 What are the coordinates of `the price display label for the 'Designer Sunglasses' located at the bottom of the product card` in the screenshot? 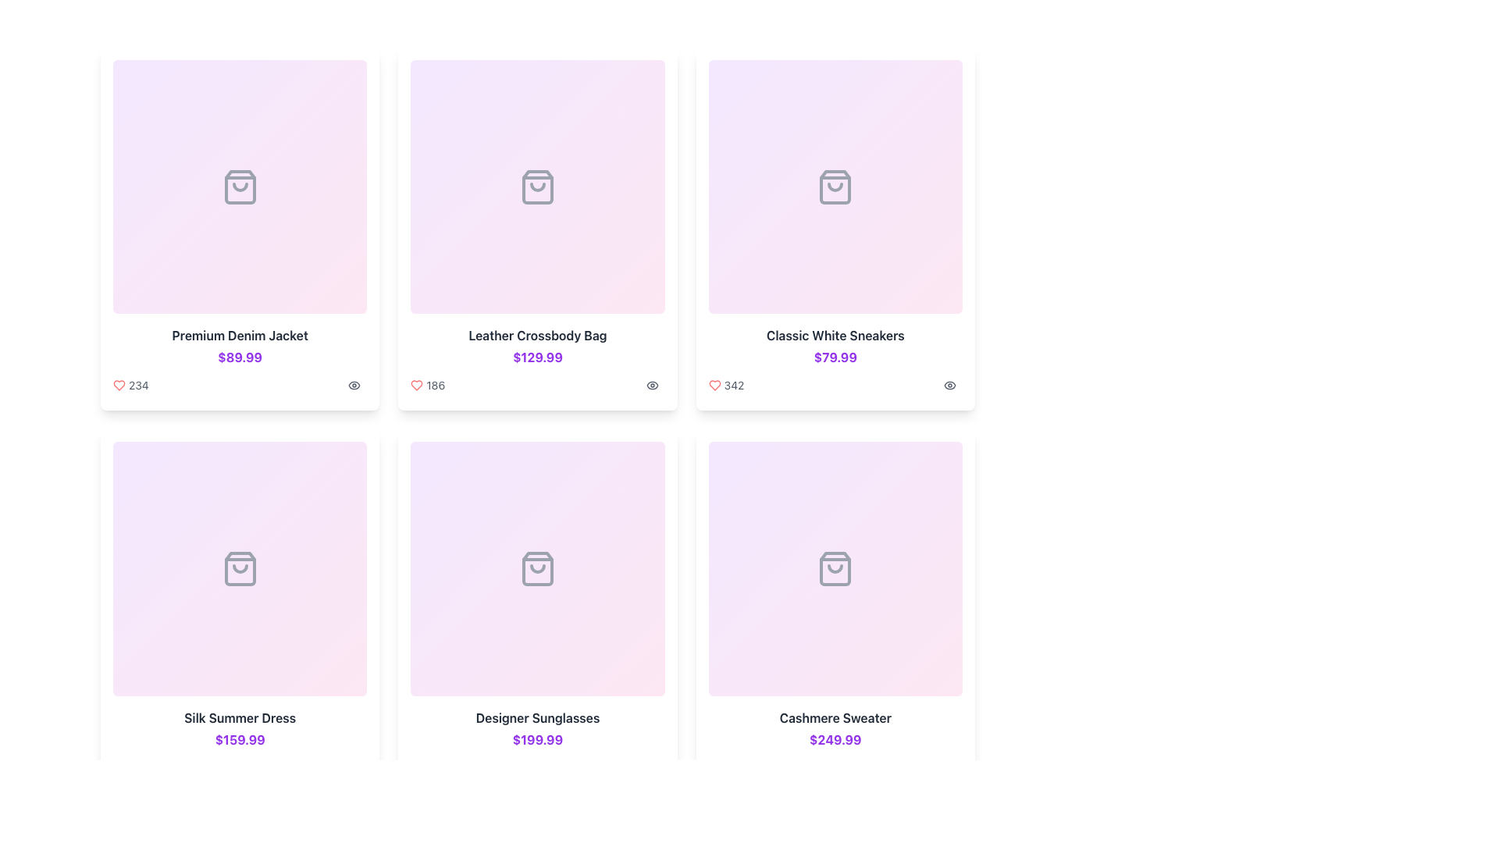 It's located at (537, 738).